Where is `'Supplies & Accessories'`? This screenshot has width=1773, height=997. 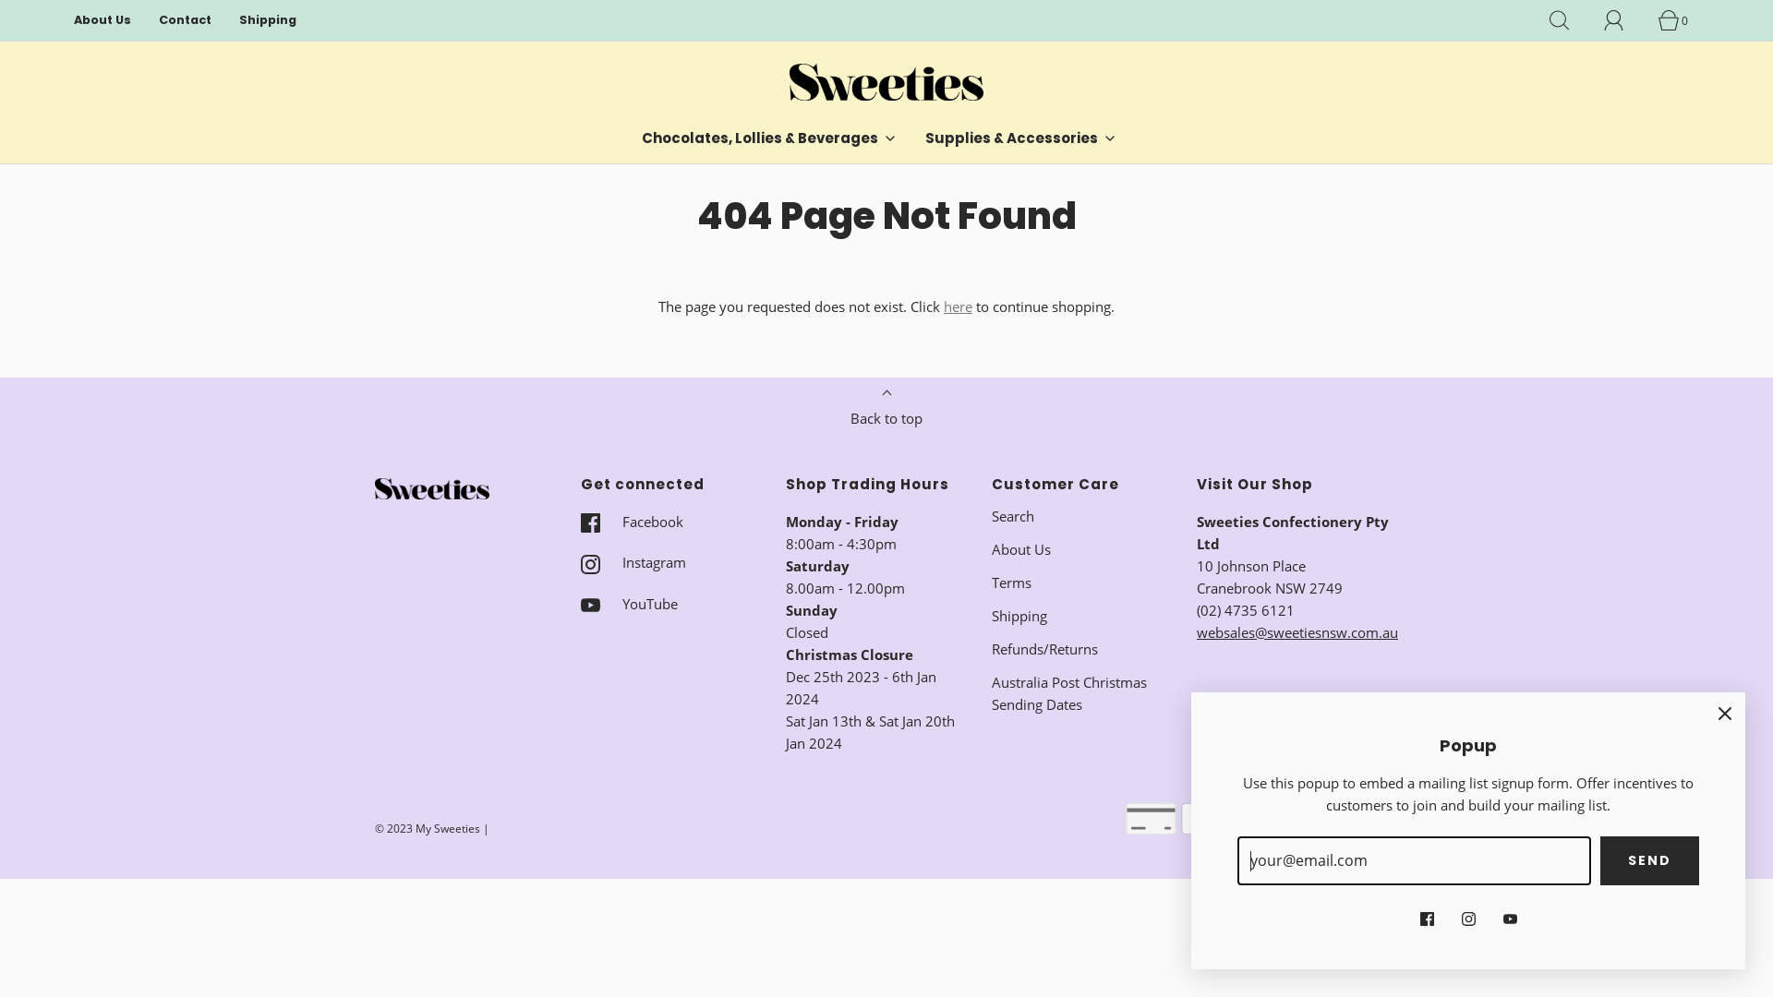 'Supplies & Accessories' is located at coordinates (1019, 138).